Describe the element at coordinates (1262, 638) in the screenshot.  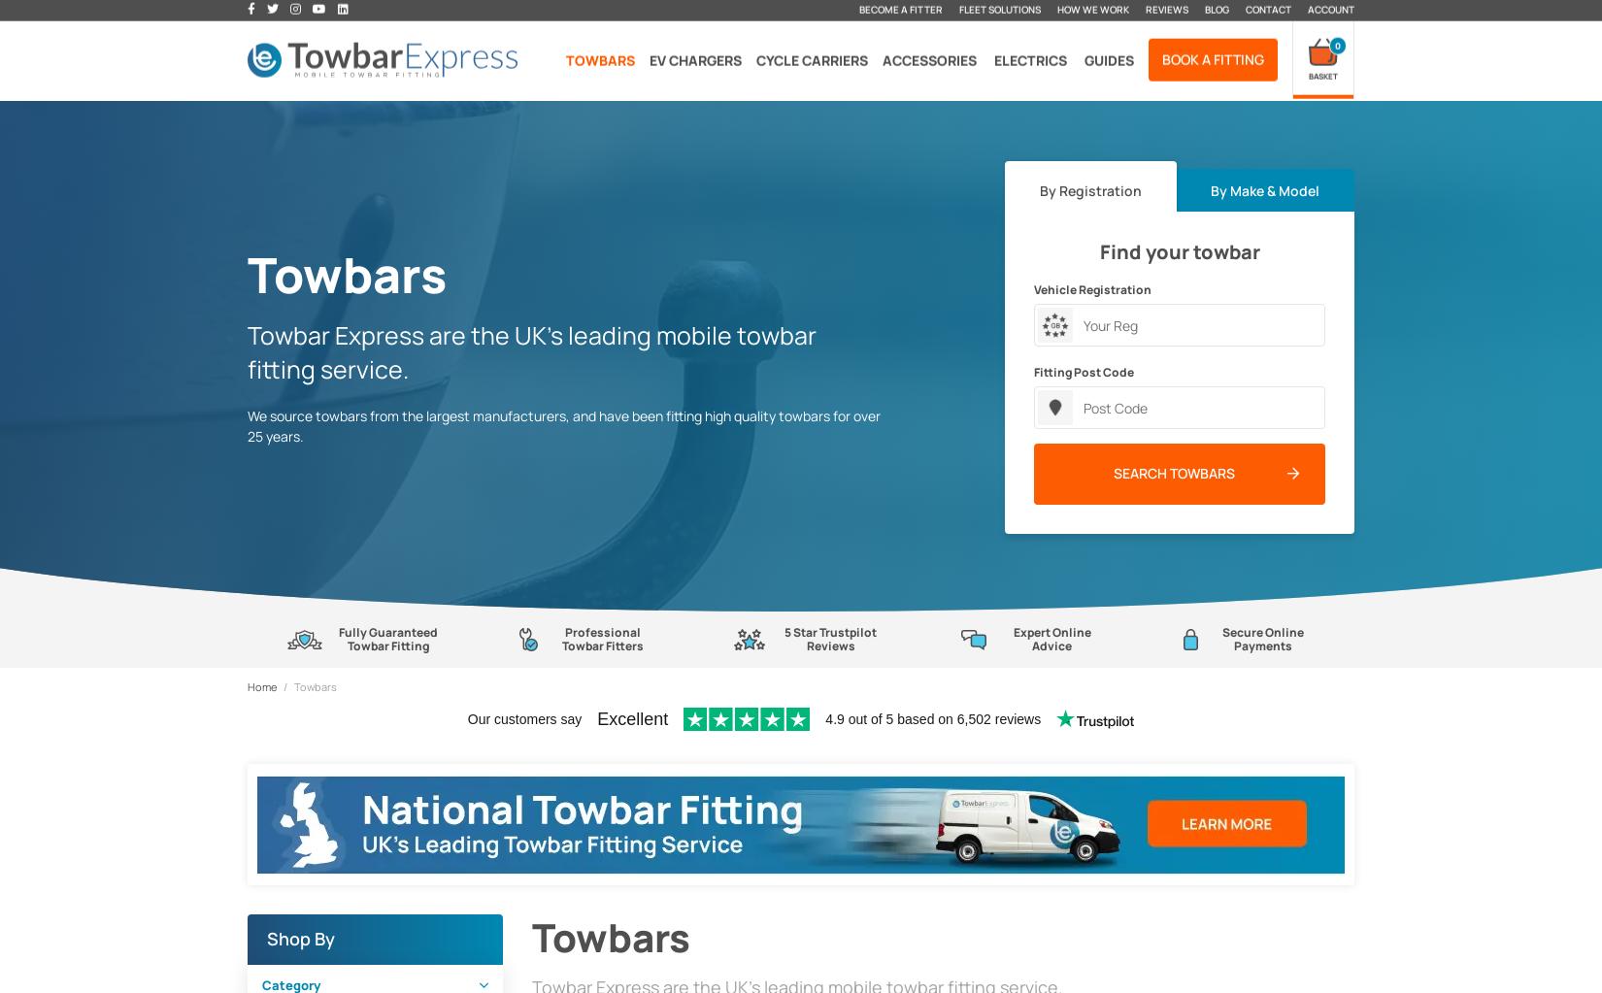
I see `'Secure Online Payments'` at that location.